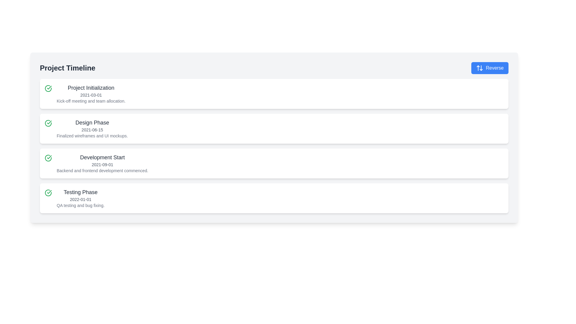 Image resolution: width=576 pixels, height=324 pixels. I want to click on the text block containing 'Testing Phase', which is styled in bold and large dark gray font, located in the fourth section of the vertical timeline, so click(80, 192).